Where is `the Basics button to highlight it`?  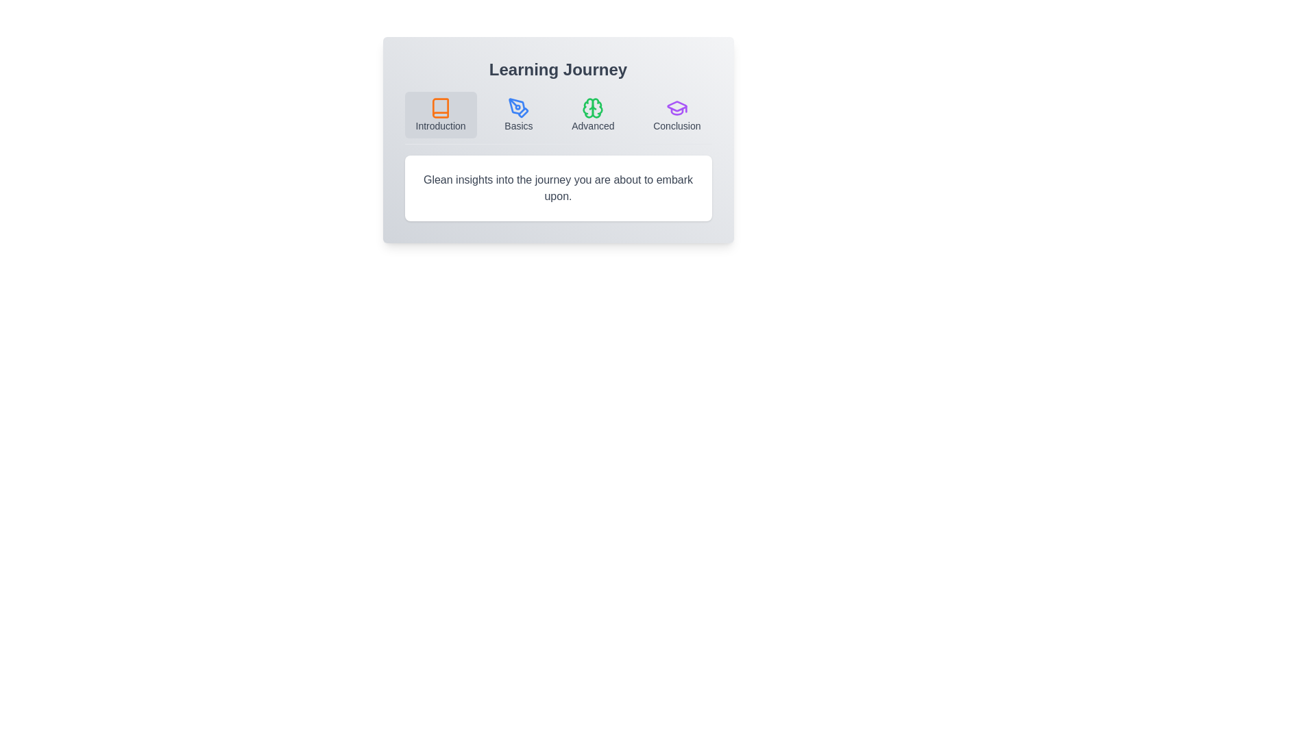
the Basics button to highlight it is located at coordinates (518, 114).